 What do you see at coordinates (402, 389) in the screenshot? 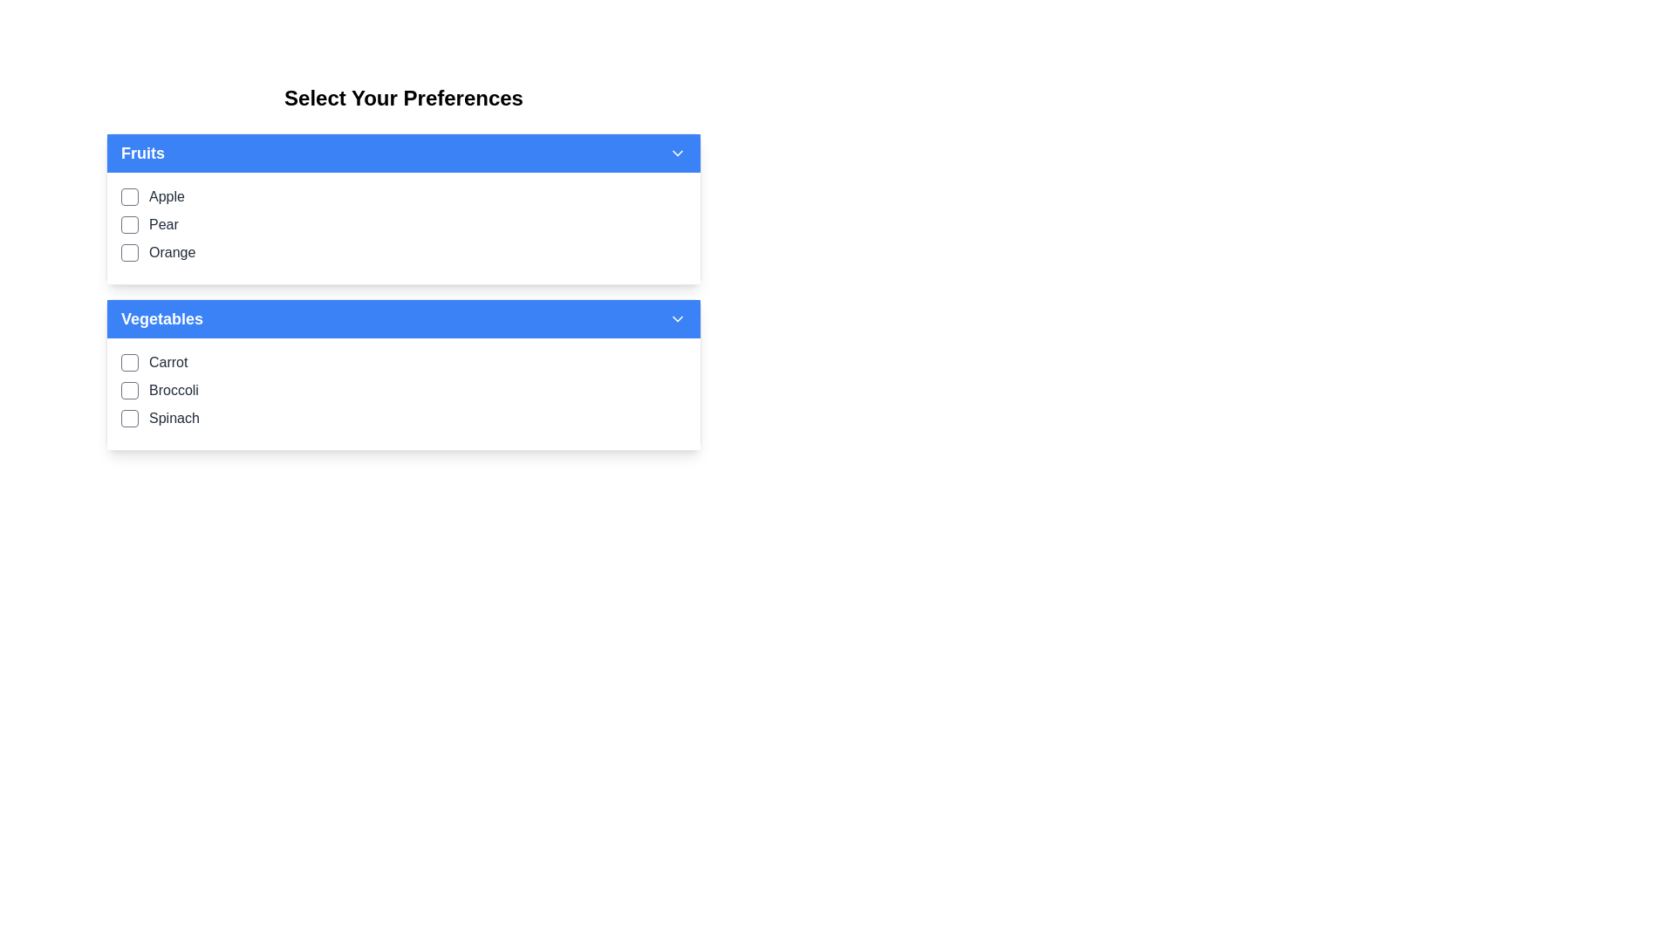
I see `the selectable list item for 'Broccoli' located in the 'Vegetables' section` at bounding box center [402, 389].